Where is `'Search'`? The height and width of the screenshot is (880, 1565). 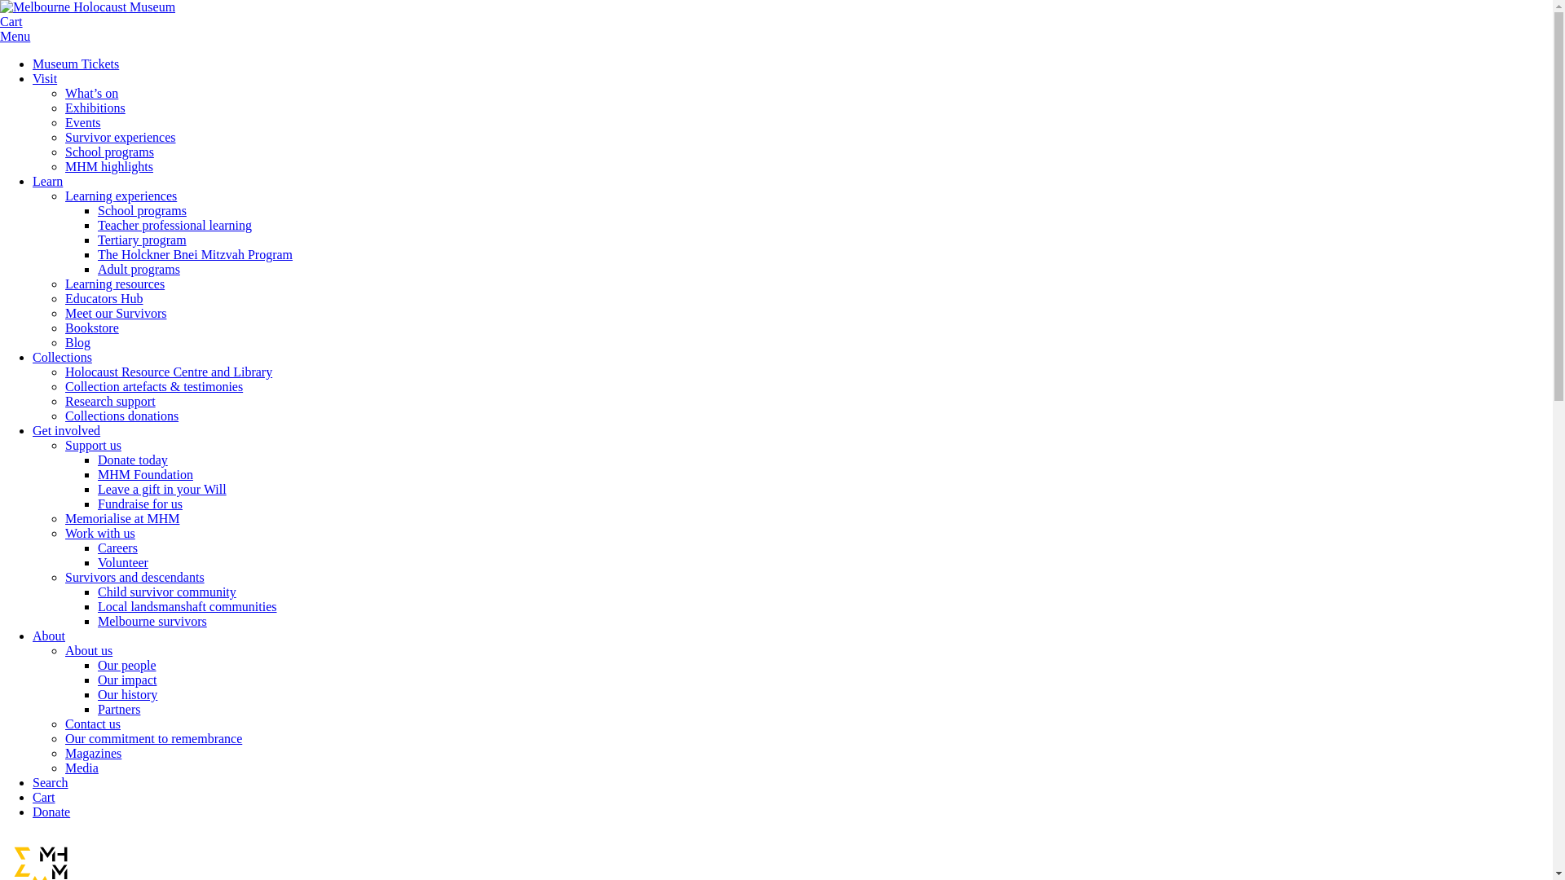
'Search' is located at coordinates (51, 781).